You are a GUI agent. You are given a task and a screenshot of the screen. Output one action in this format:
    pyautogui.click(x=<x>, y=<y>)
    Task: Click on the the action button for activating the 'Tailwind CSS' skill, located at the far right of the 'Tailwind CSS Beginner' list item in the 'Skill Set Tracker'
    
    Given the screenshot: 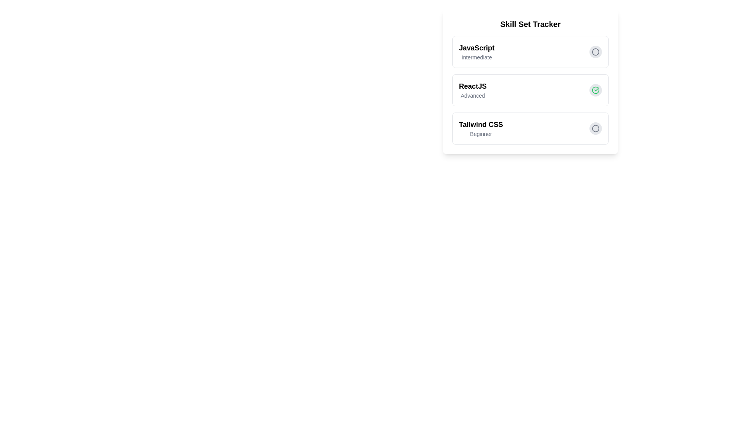 What is the action you would take?
    pyautogui.click(x=595, y=128)
    